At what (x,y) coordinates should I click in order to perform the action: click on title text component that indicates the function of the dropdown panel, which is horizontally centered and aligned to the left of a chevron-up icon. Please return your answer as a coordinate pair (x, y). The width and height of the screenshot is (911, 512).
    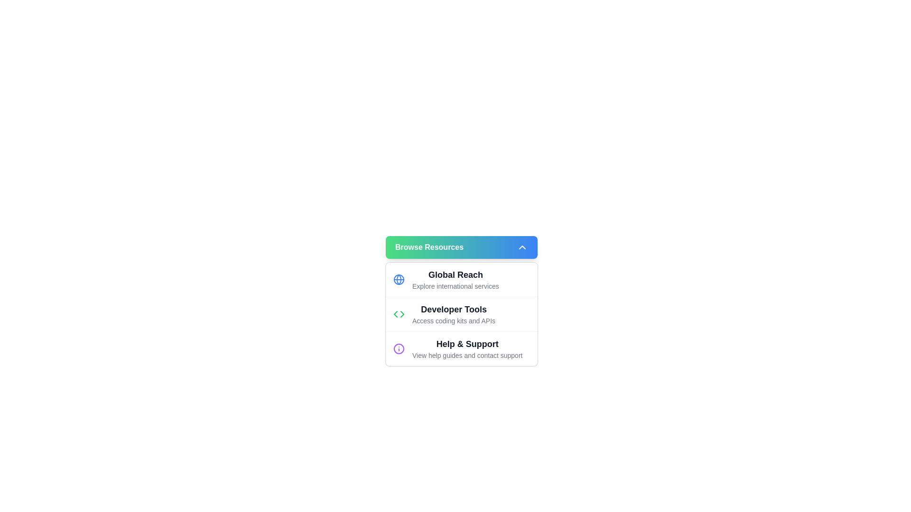
    Looking at the image, I should click on (429, 247).